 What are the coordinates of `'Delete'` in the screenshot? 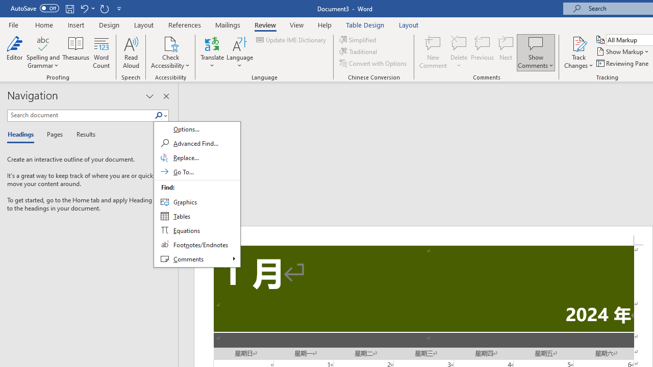 It's located at (459, 43).